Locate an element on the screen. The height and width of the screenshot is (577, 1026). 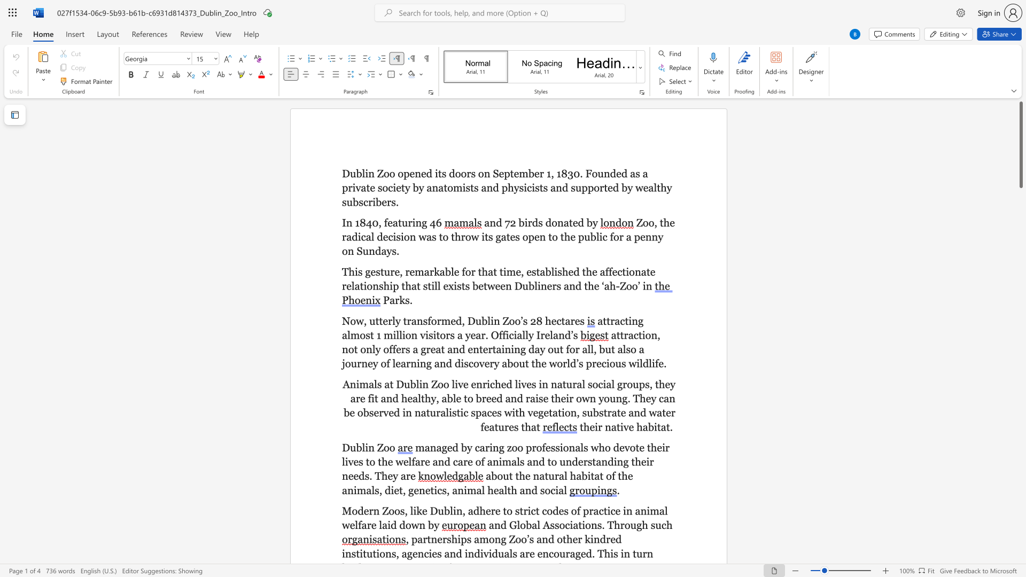
the 4th character "a" in the text is located at coordinates (429, 187).